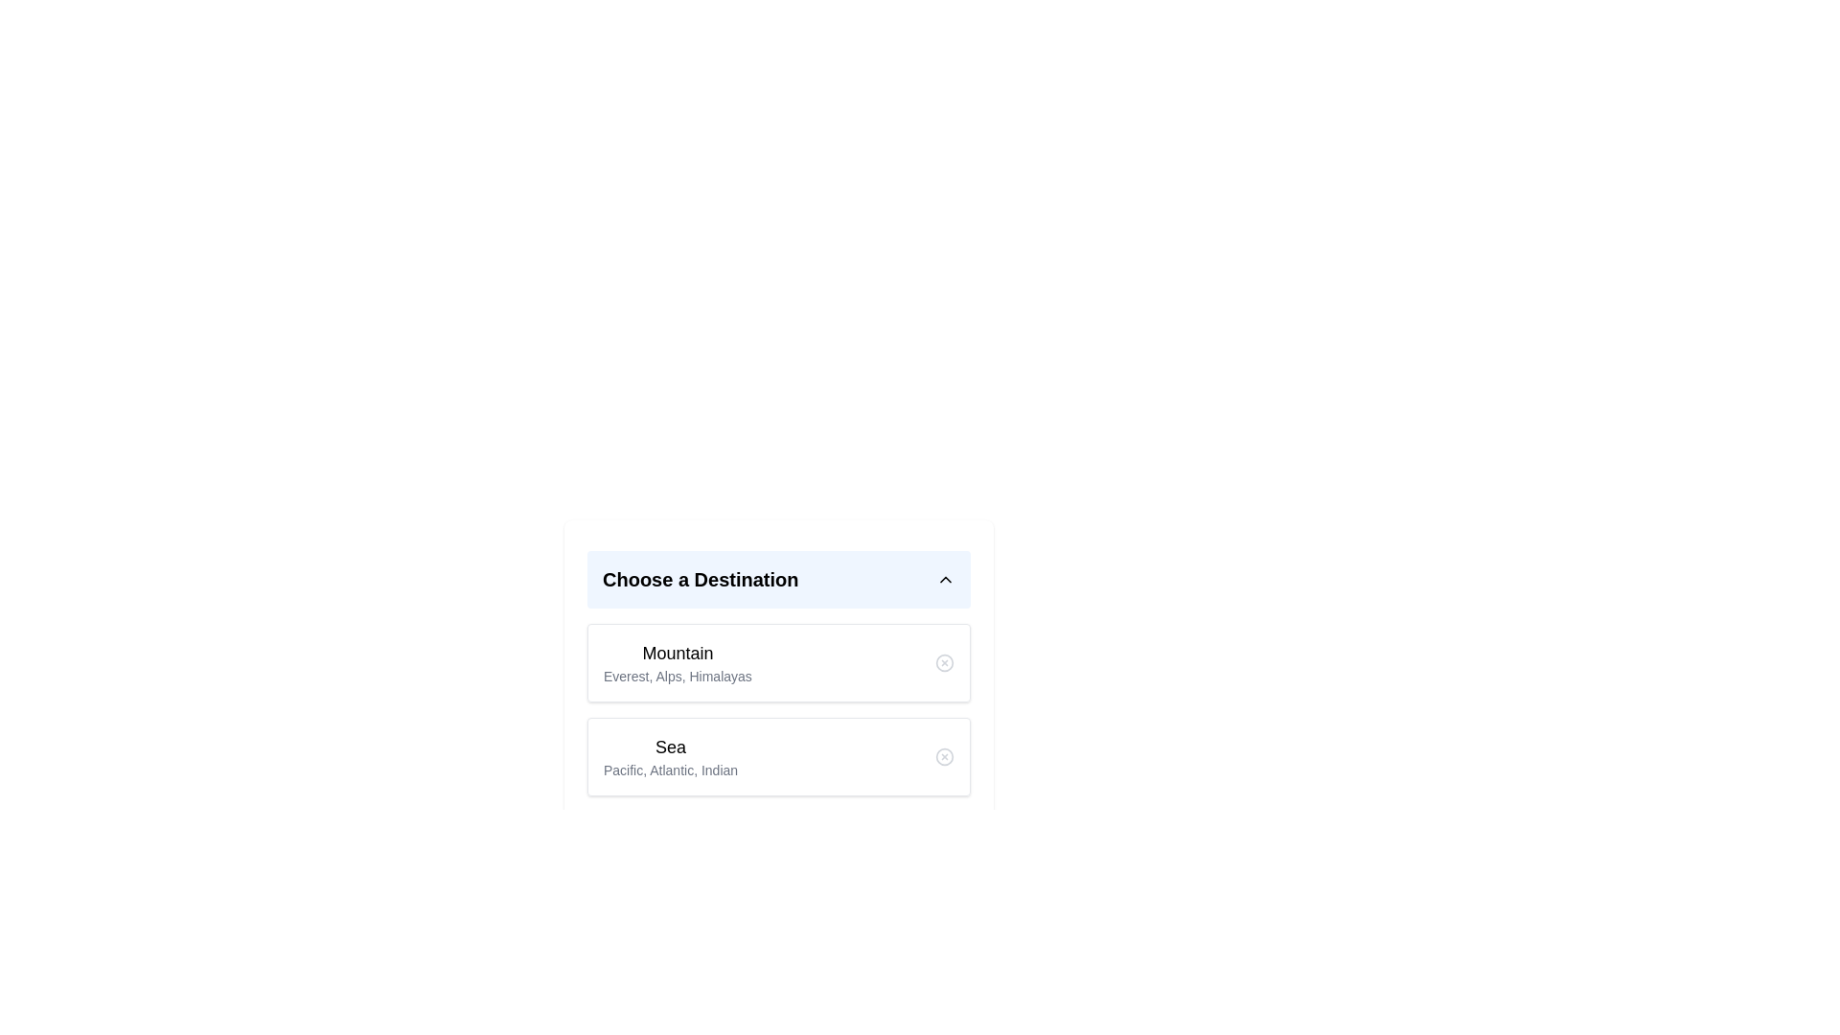  What do you see at coordinates (944, 661) in the screenshot?
I see `the close icon button, which is a small circle with a cross inside, located in the top-right corner of the list item containing 'MountainEverest, Alps, Himalayas'` at bounding box center [944, 661].